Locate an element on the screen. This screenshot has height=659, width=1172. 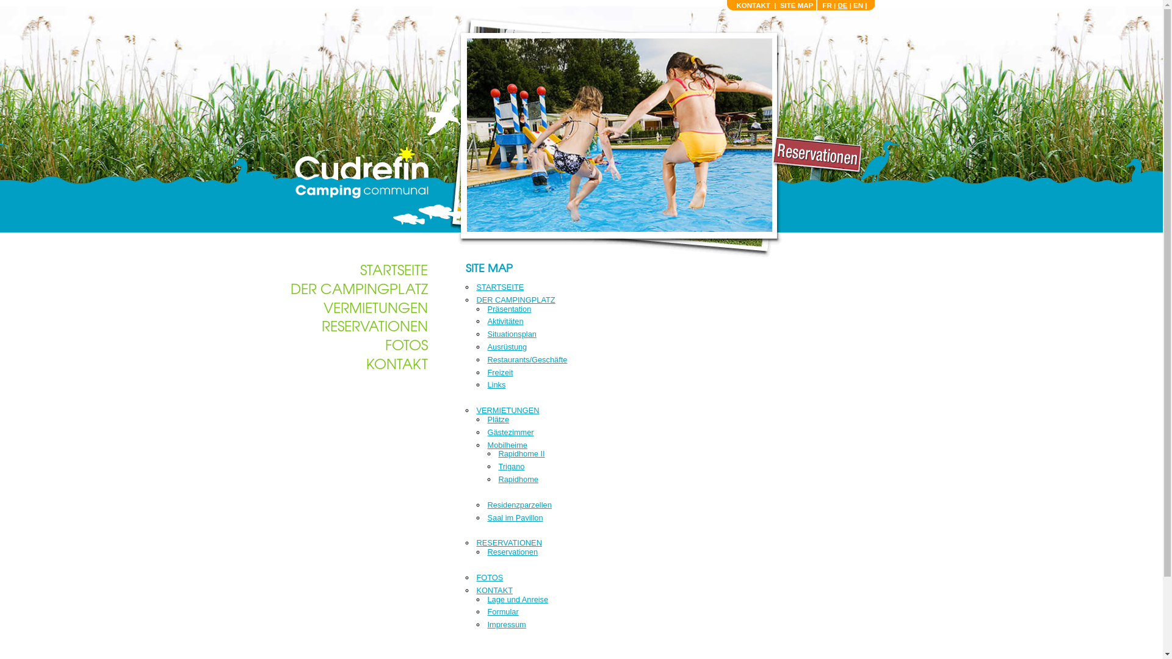
'KONTAKT' is located at coordinates (397, 362).